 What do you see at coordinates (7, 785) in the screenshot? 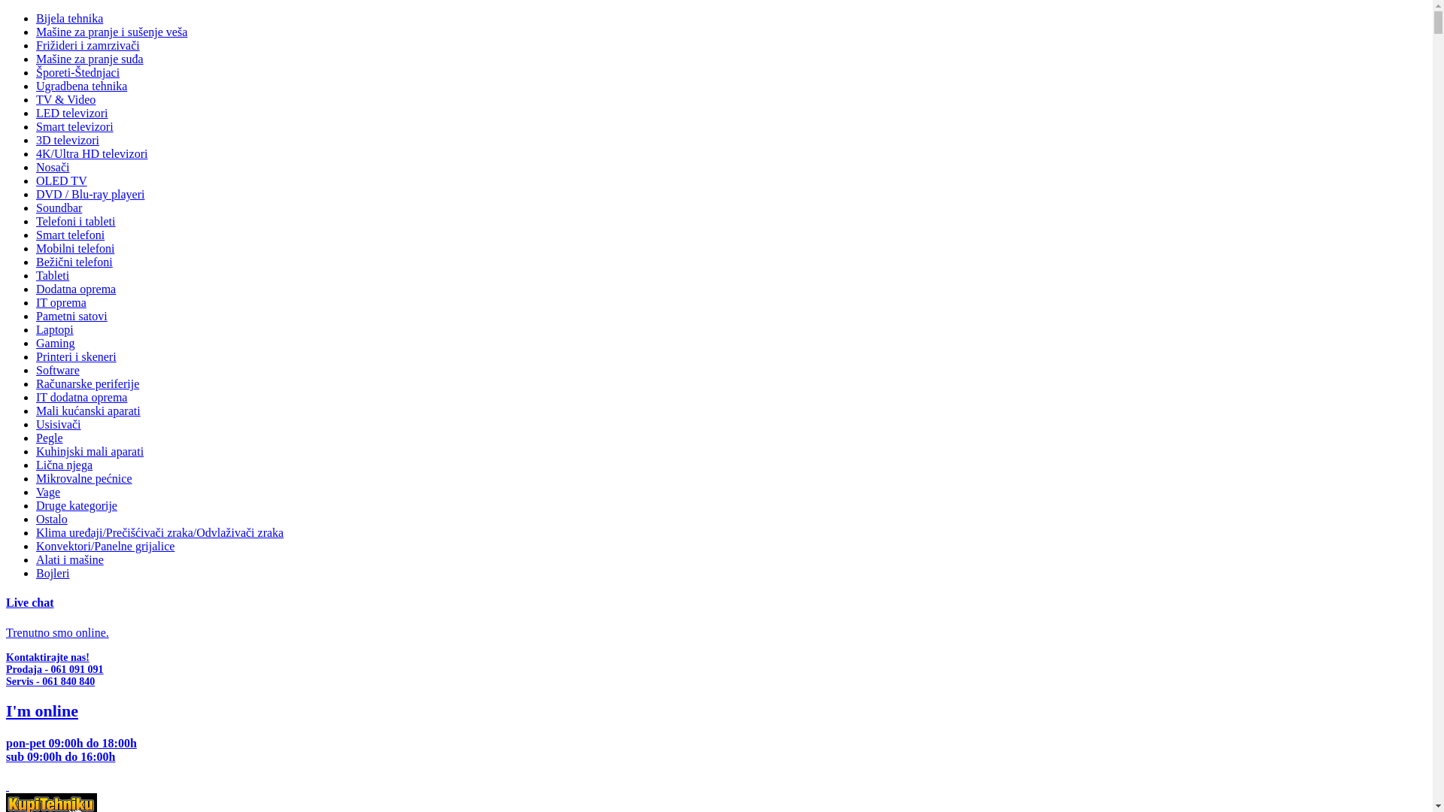
I see `' '` at bounding box center [7, 785].